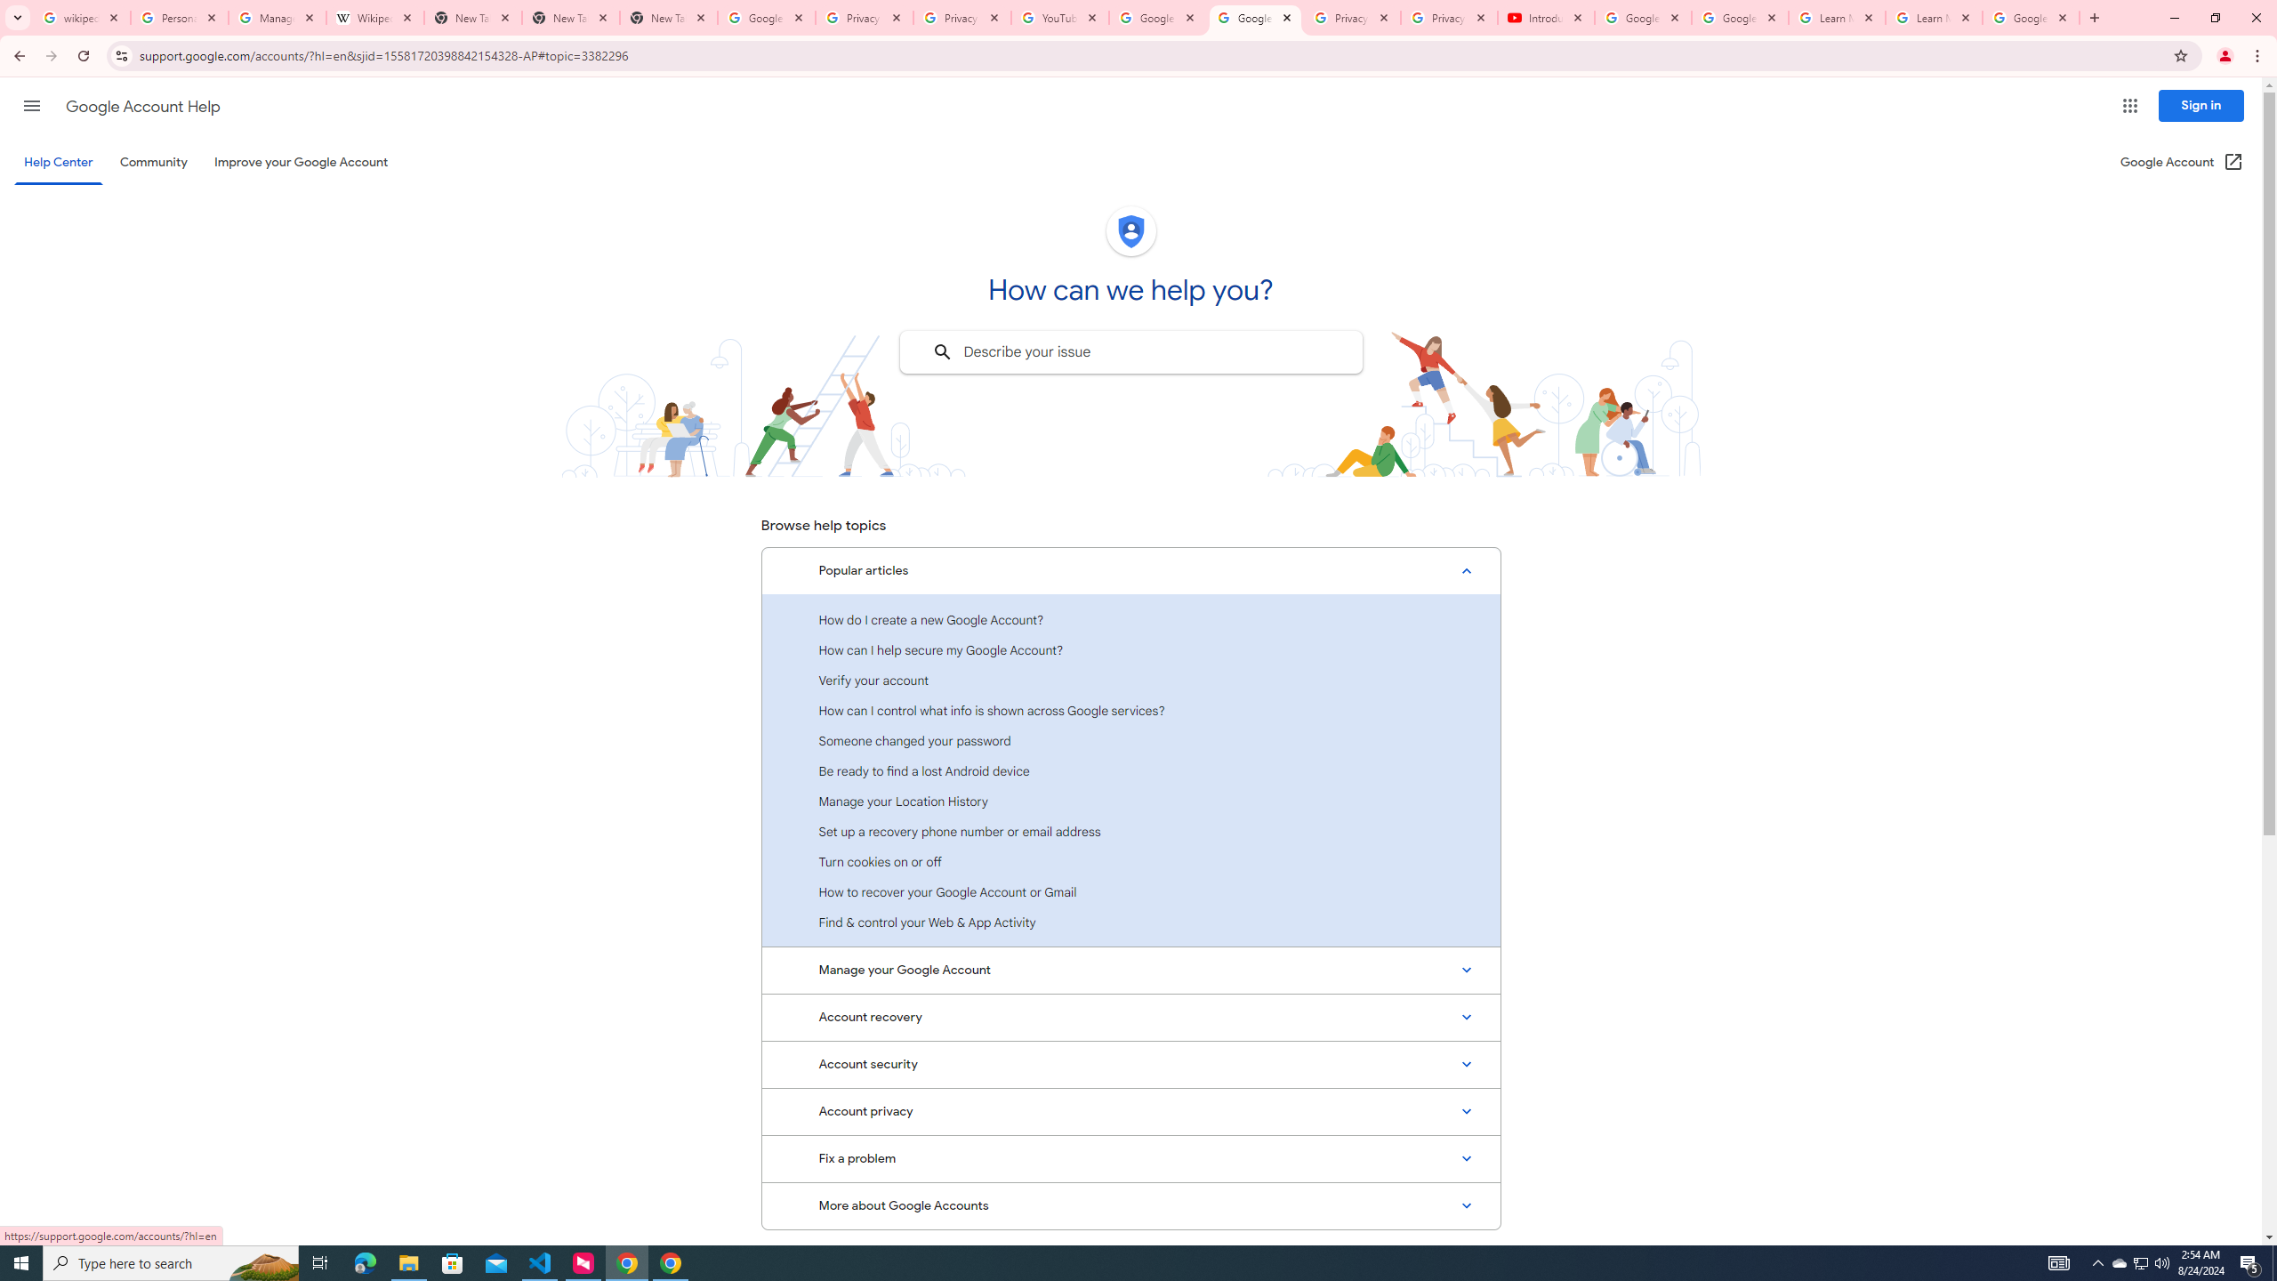 The width and height of the screenshot is (2277, 1281). What do you see at coordinates (30, 105) in the screenshot?
I see `'Main menu'` at bounding box center [30, 105].